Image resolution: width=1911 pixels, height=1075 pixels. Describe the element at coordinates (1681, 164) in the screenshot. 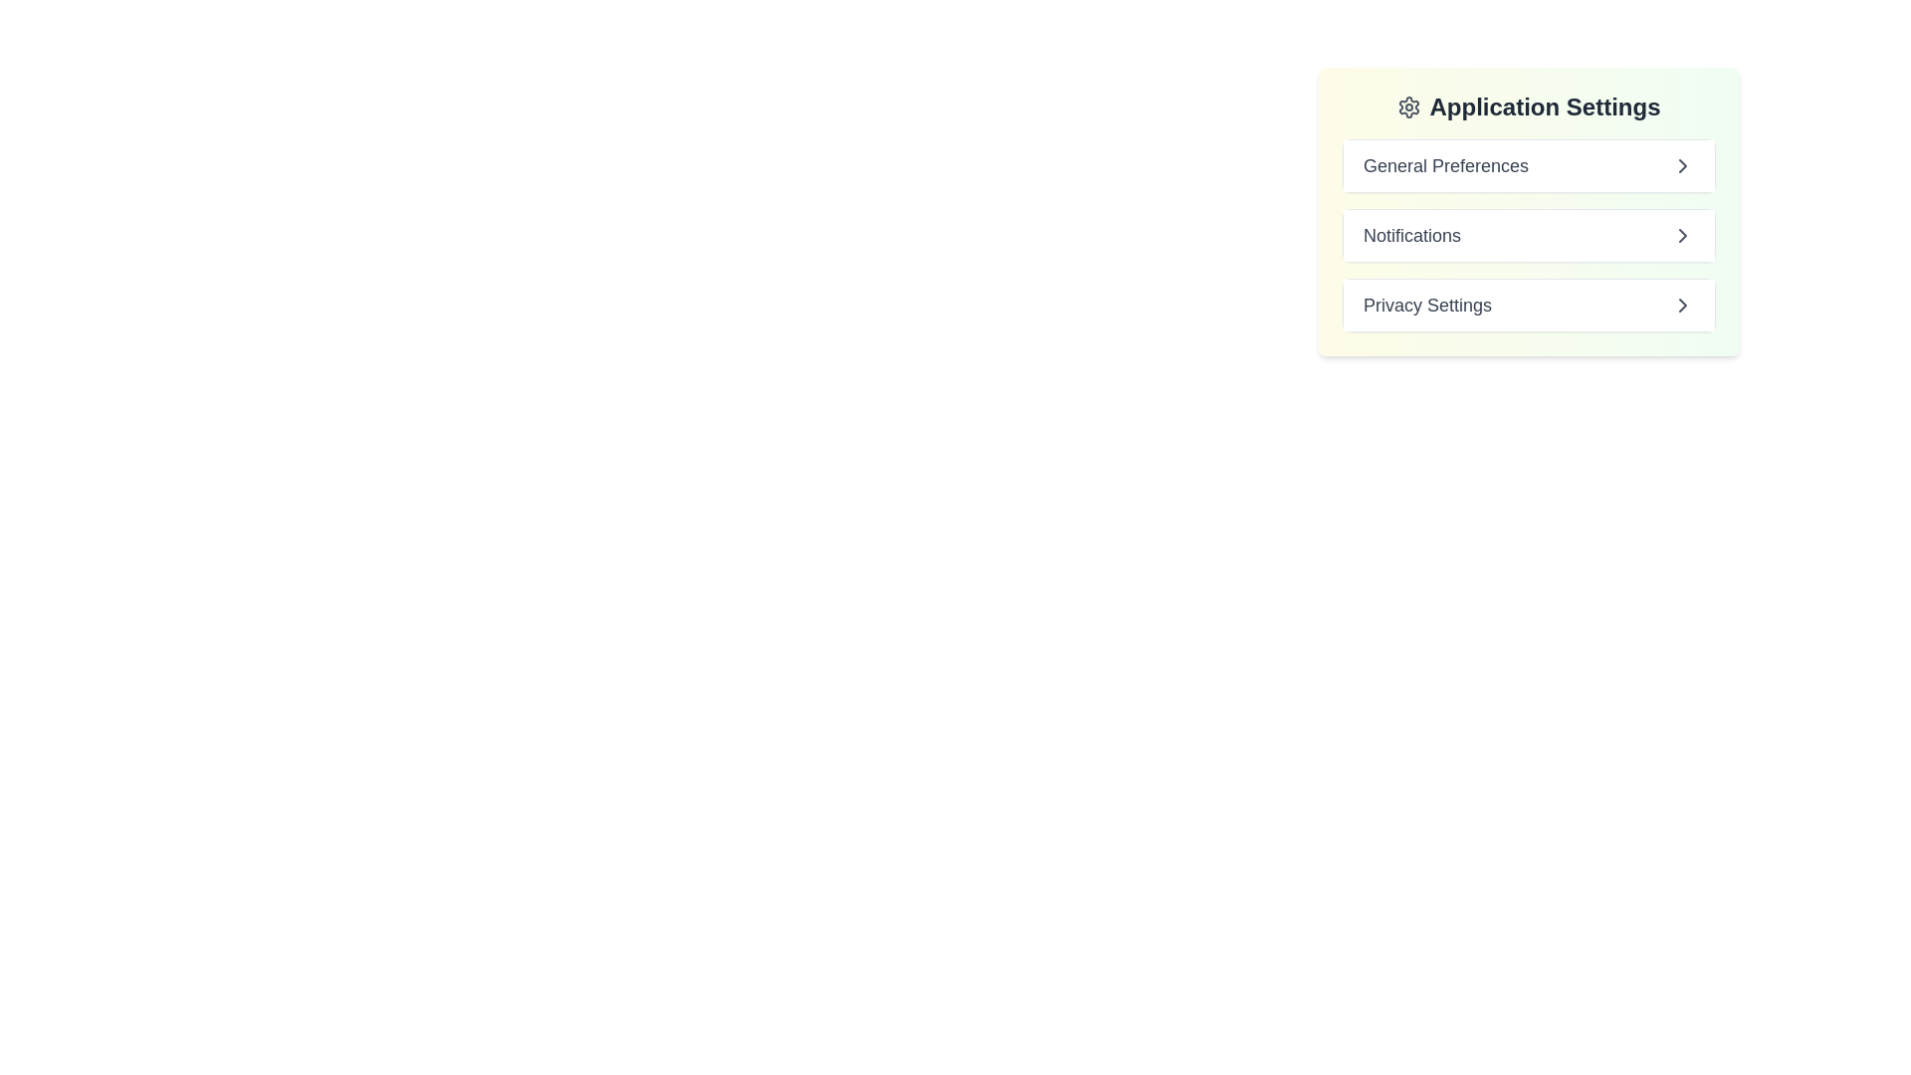

I see `the chevron icon located at the far-right end of the 'General Preferences' list item in the 'Application Settings' section` at that location.